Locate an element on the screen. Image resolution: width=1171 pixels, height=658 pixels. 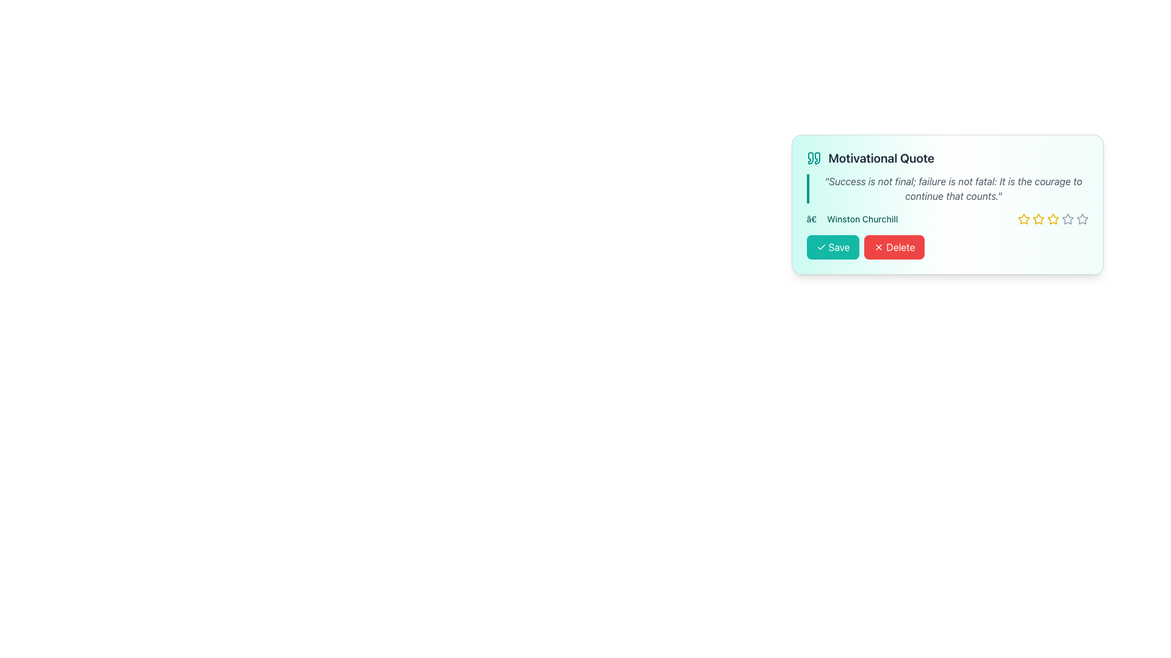
the fifth hollow star icon used for rating, located at the bottom-right part of the card interface is located at coordinates (1082, 218).